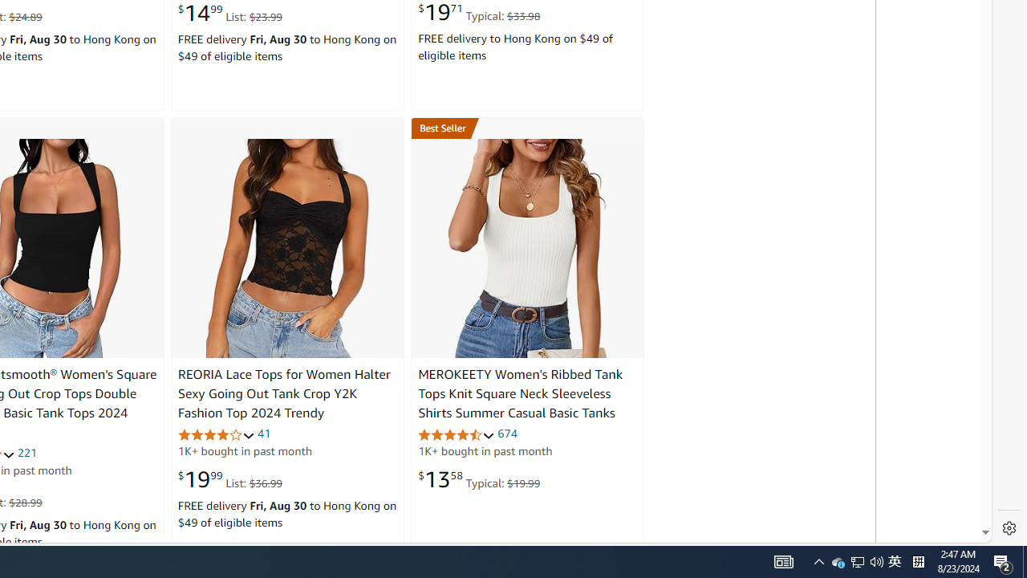  I want to click on '$19.99 List: $36.99', so click(229, 478).